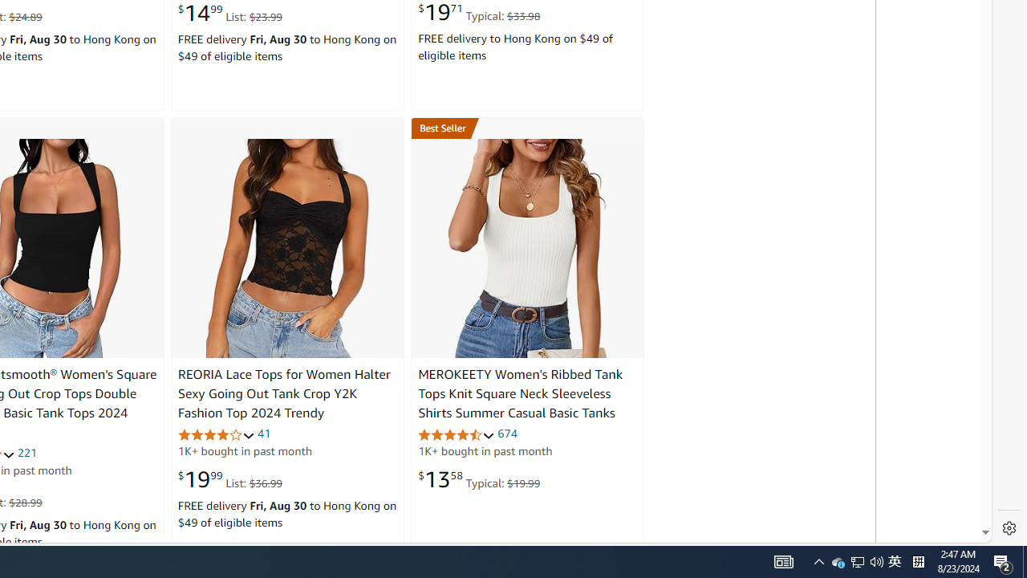  I want to click on '$19.99 List: $36.99', so click(229, 478).